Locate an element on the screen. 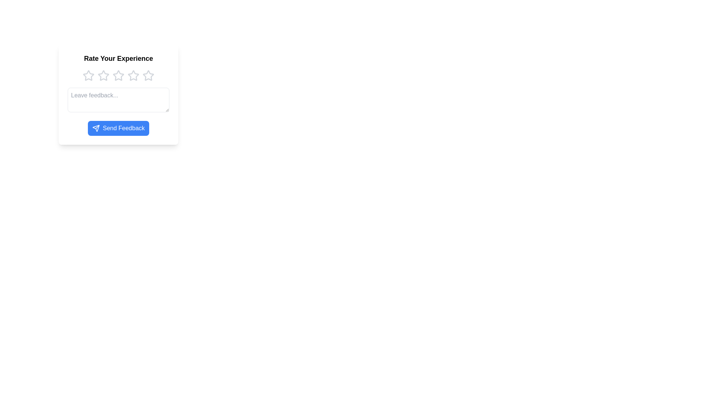 The height and width of the screenshot is (403, 718). the fourth star-shaped icon from the left in the row of five icons below the text 'Rate Your Experience' is located at coordinates (133, 76).